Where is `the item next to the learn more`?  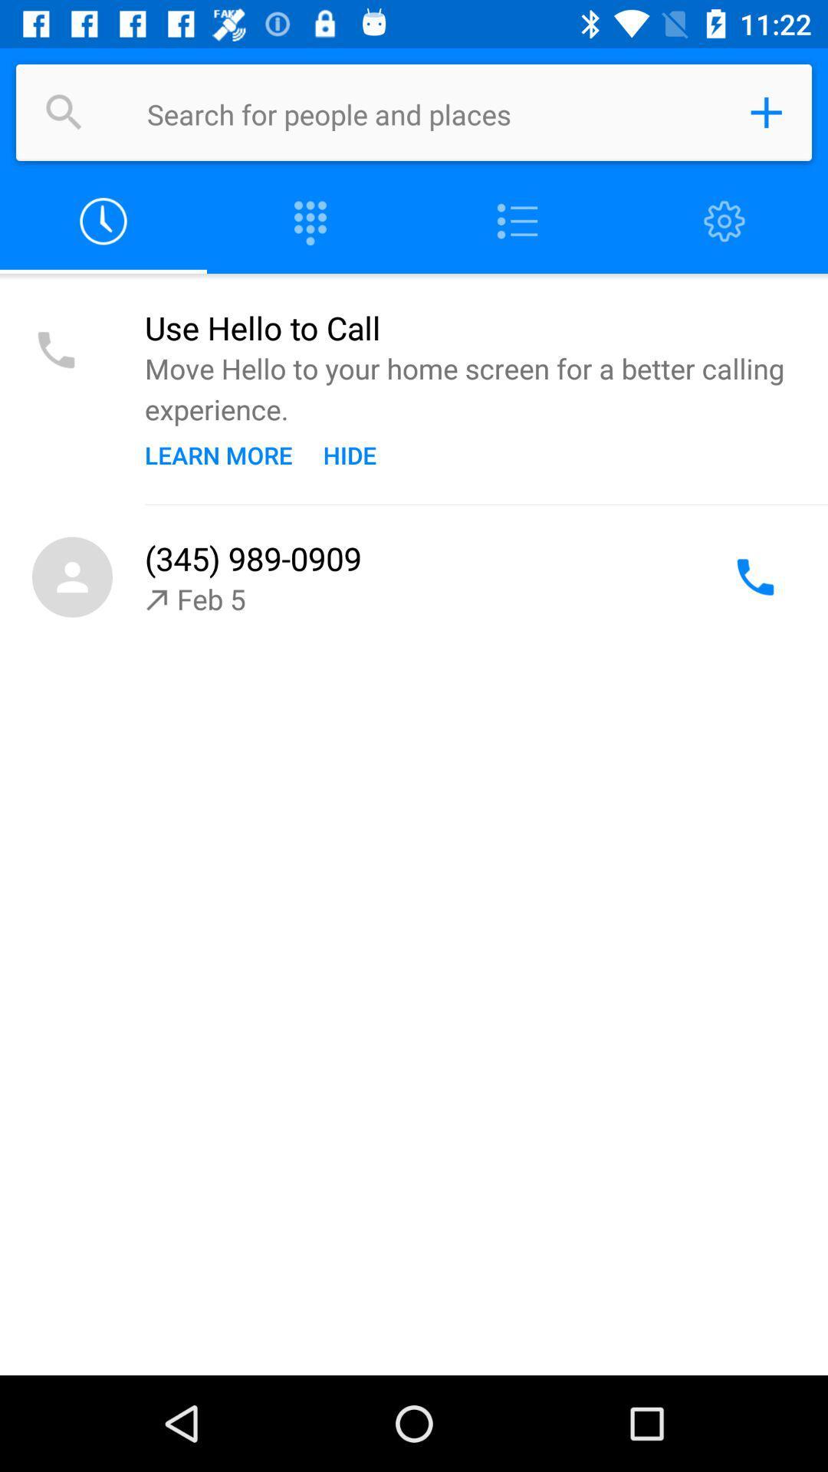 the item next to the learn more is located at coordinates (350, 454).